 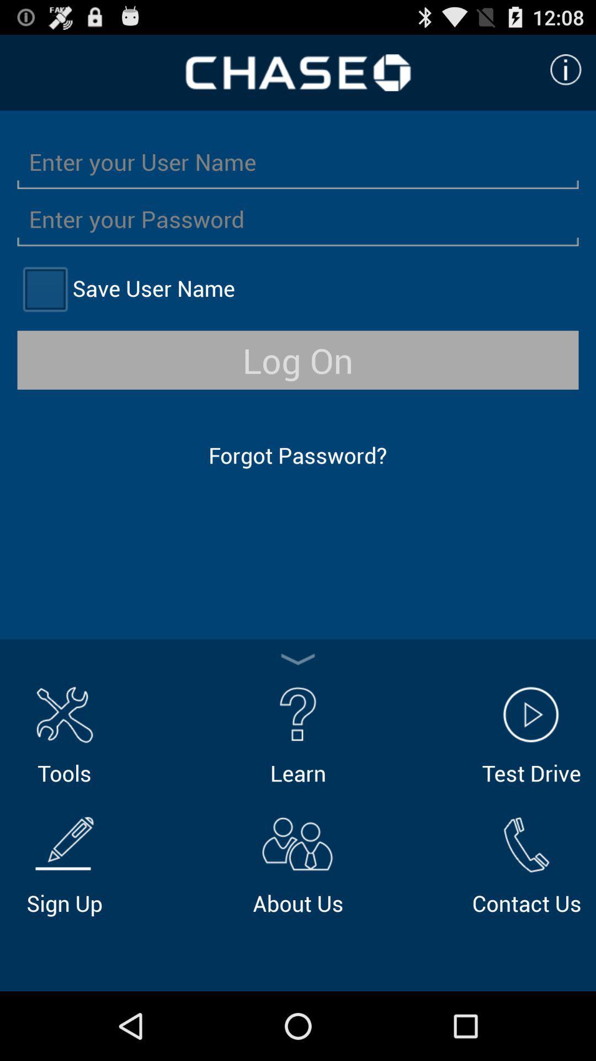 What do you see at coordinates (298, 733) in the screenshot?
I see `the icon above about us item` at bounding box center [298, 733].